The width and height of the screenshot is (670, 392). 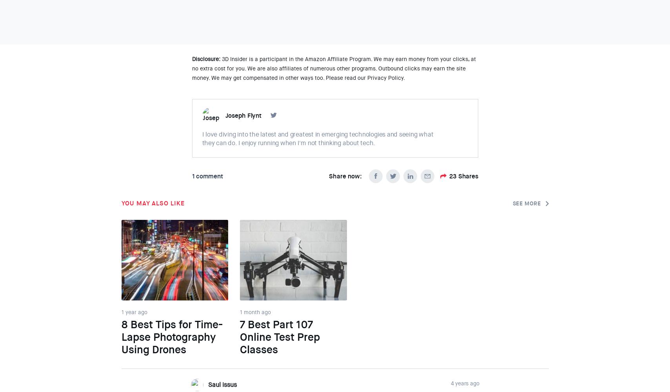 What do you see at coordinates (171, 337) in the screenshot?
I see `'8 Best Tips for Time-Lapse Photography Using Drones'` at bounding box center [171, 337].